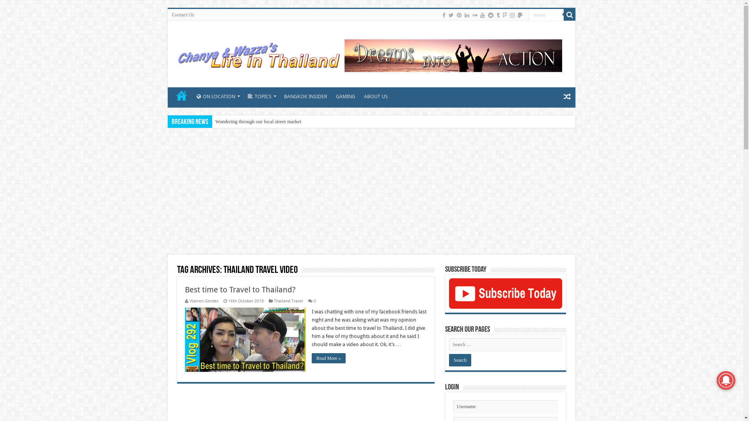 The image size is (749, 421). I want to click on 'Contact Us', so click(182, 15).